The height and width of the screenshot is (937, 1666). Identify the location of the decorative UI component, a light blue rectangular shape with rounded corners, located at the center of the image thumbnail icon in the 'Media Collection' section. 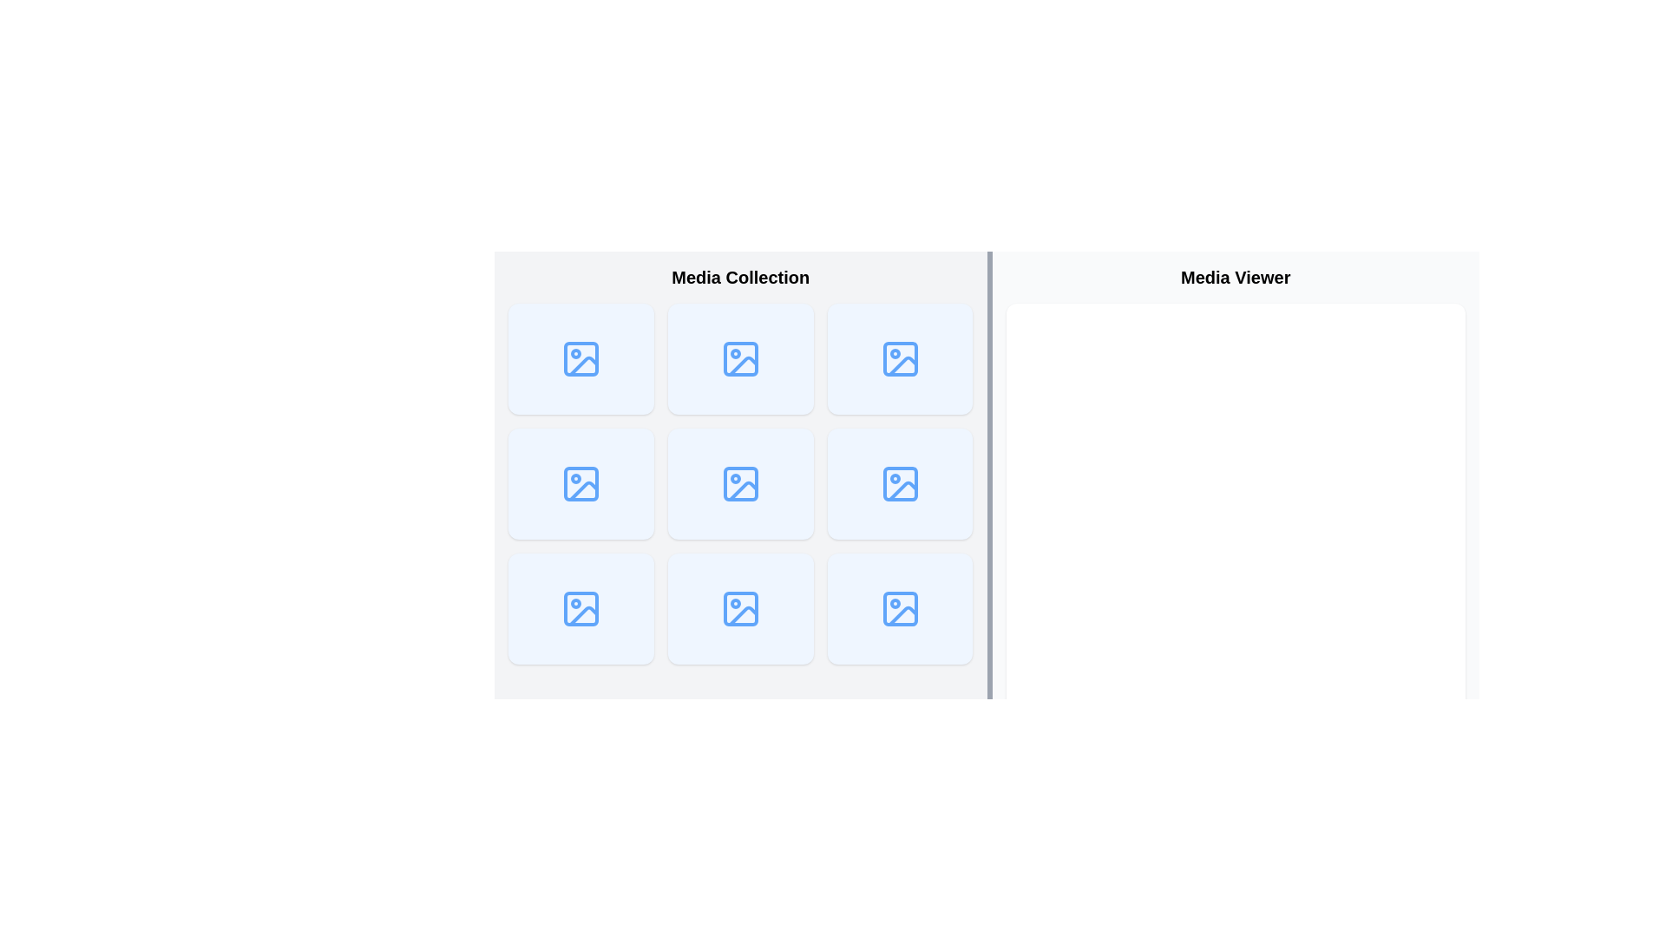
(740, 357).